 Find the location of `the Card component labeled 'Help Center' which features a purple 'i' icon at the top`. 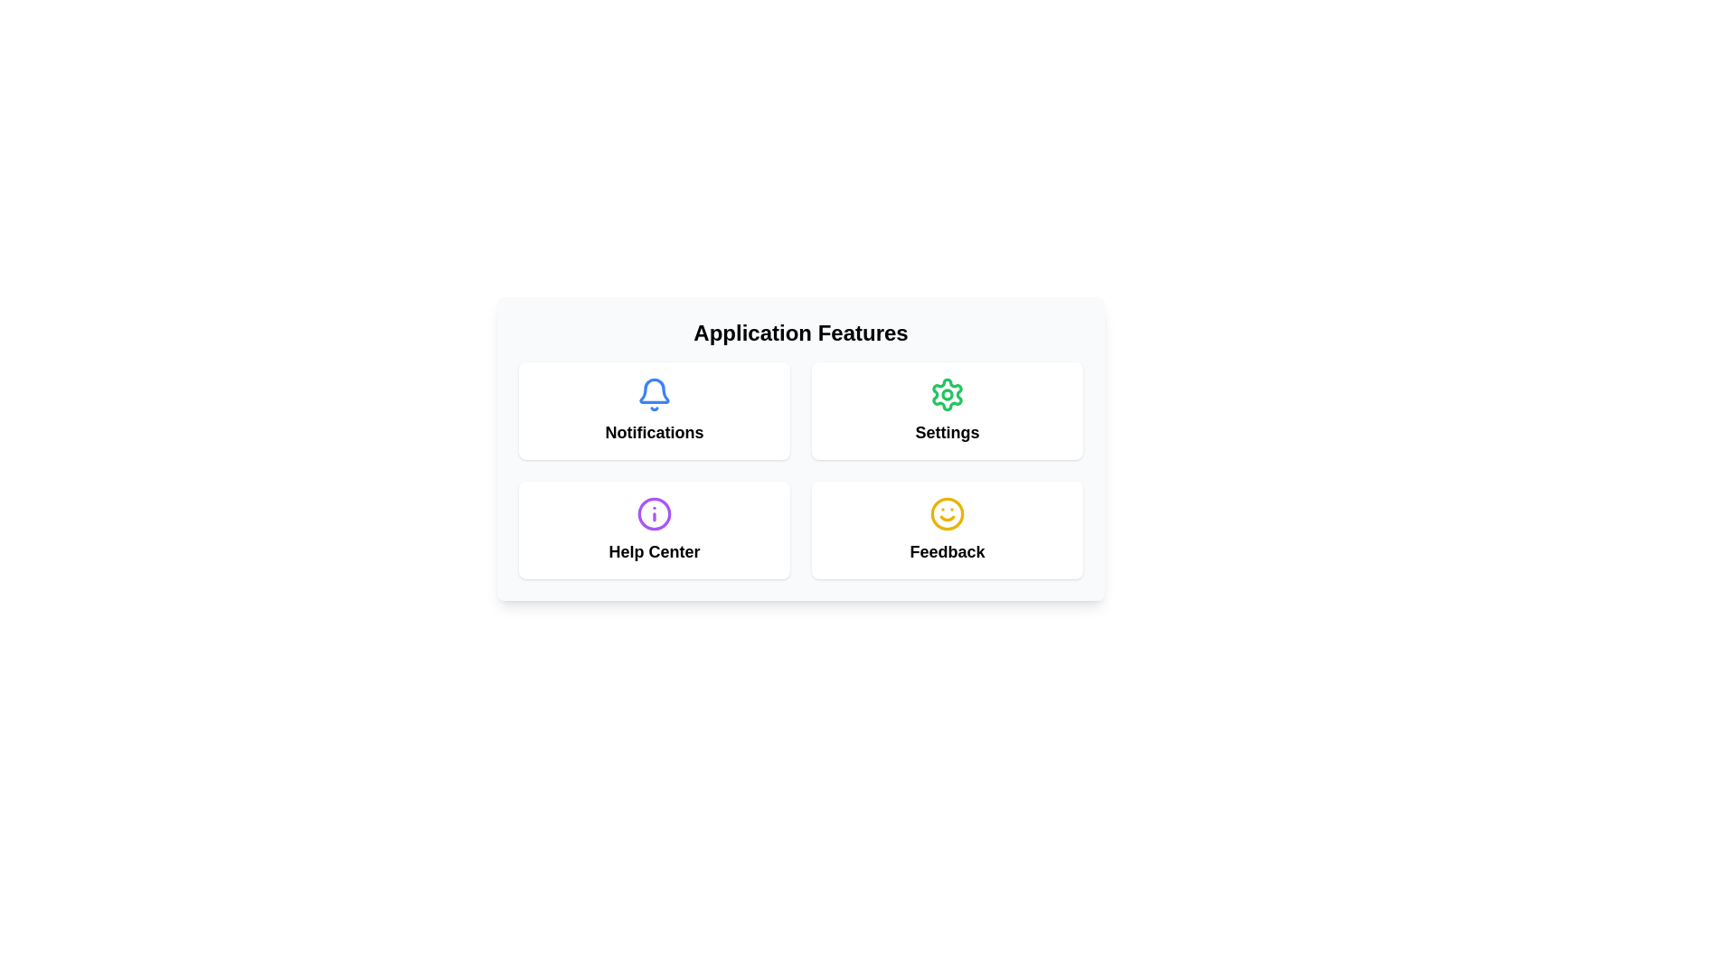

the Card component labeled 'Help Center' which features a purple 'i' icon at the top is located at coordinates (654, 529).